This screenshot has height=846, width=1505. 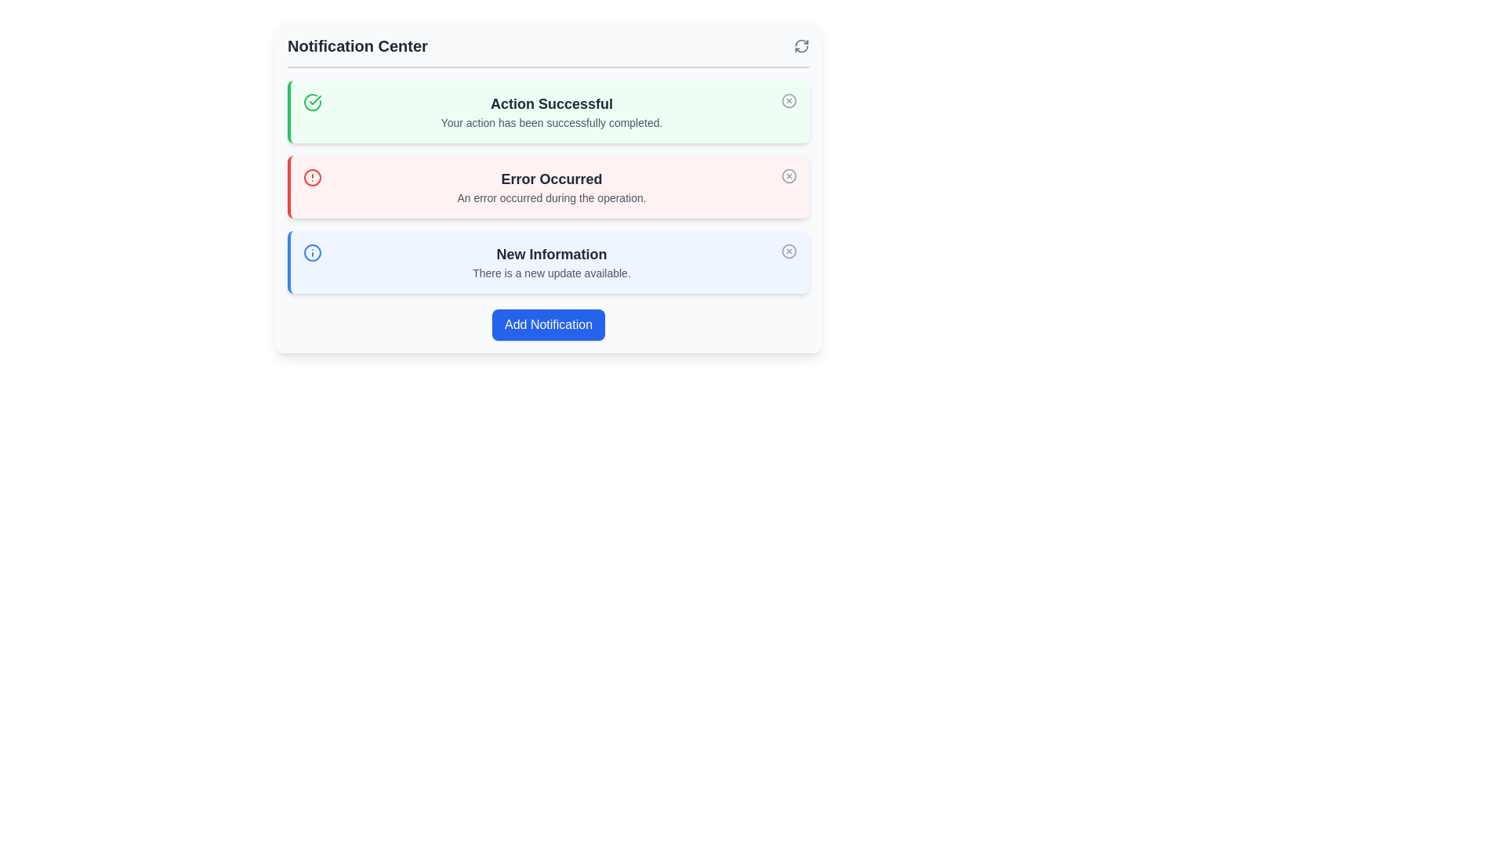 I want to click on the third notification card in the Notification Center, which has a blue background and contains the title 'New Information', so click(x=549, y=262).